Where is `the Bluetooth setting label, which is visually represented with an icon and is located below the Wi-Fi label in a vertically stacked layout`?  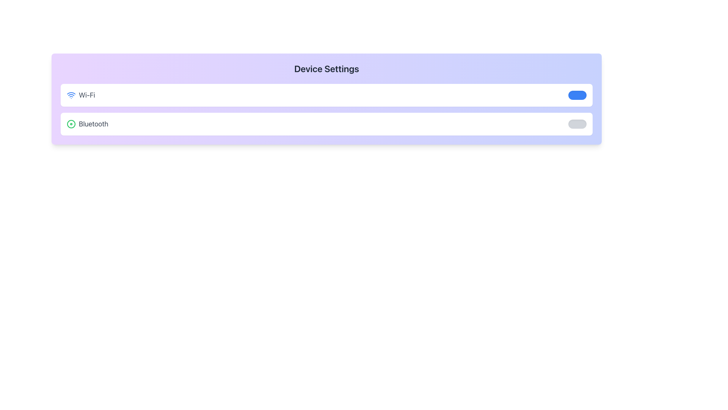
the Bluetooth setting label, which is visually represented with an icon and is located below the Wi-Fi label in a vertically stacked layout is located at coordinates (87, 124).